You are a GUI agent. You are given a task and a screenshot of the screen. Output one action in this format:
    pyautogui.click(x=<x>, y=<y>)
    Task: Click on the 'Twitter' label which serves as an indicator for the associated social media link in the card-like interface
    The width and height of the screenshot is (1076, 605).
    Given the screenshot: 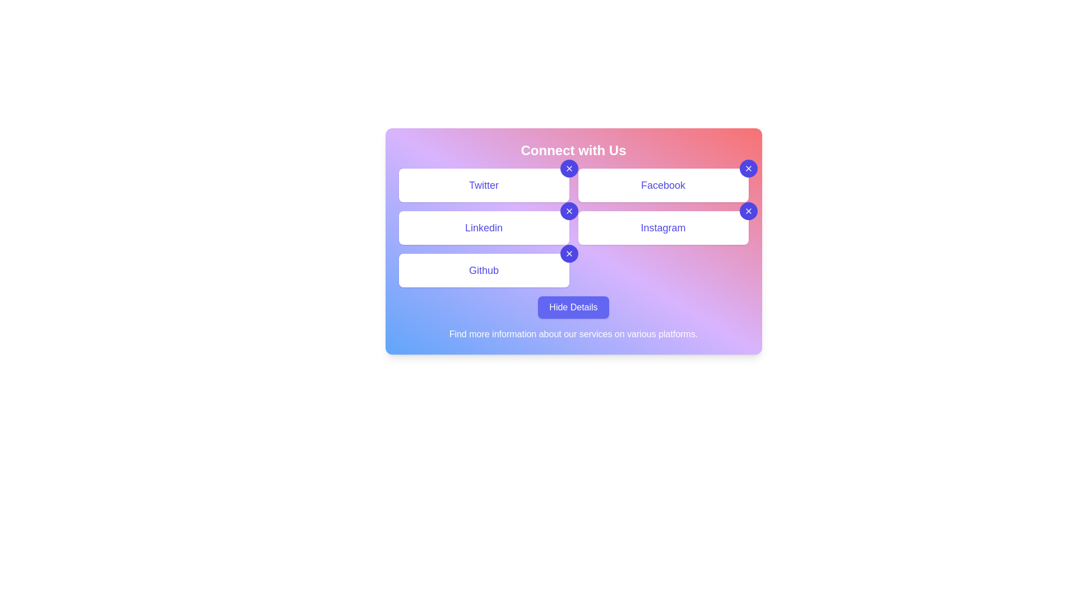 What is the action you would take?
    pyautogui.click(x=484, y=185)
    